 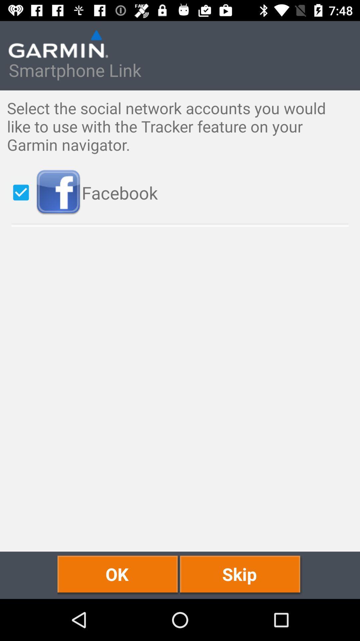 I want to click on the icon next to the skip, so click(x=118, y=575).